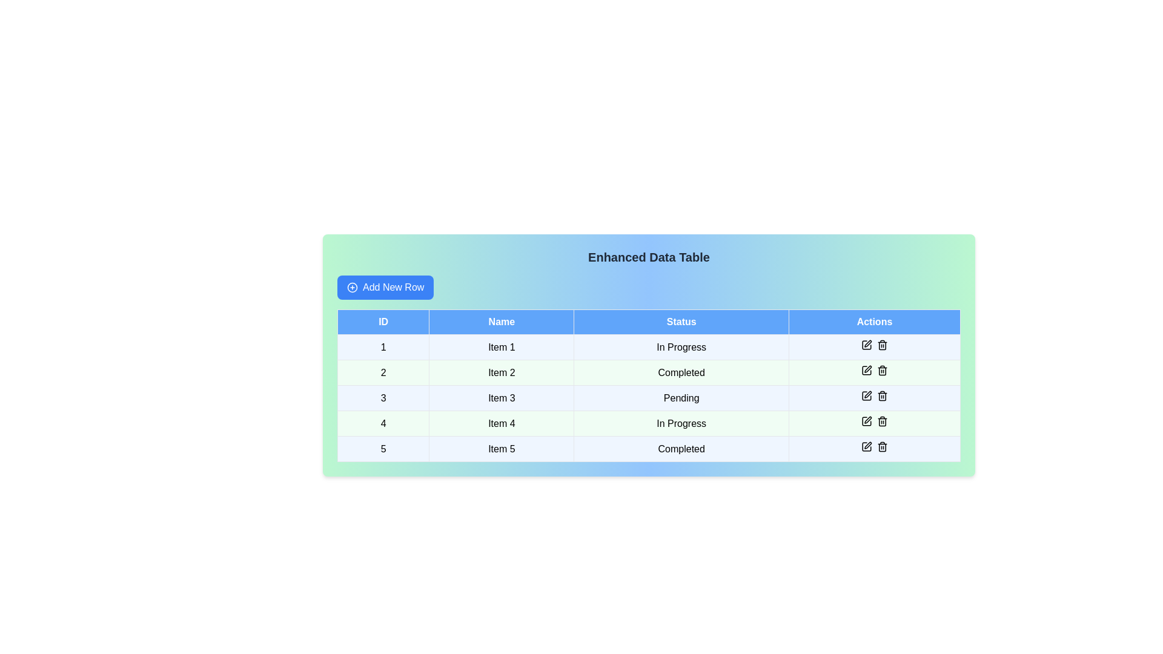 This screenshot has height=654, width=1163. I want to click on the small square SVG icon with a pen overlay located in the 'Actions' column of the third row, so click(866, 396).